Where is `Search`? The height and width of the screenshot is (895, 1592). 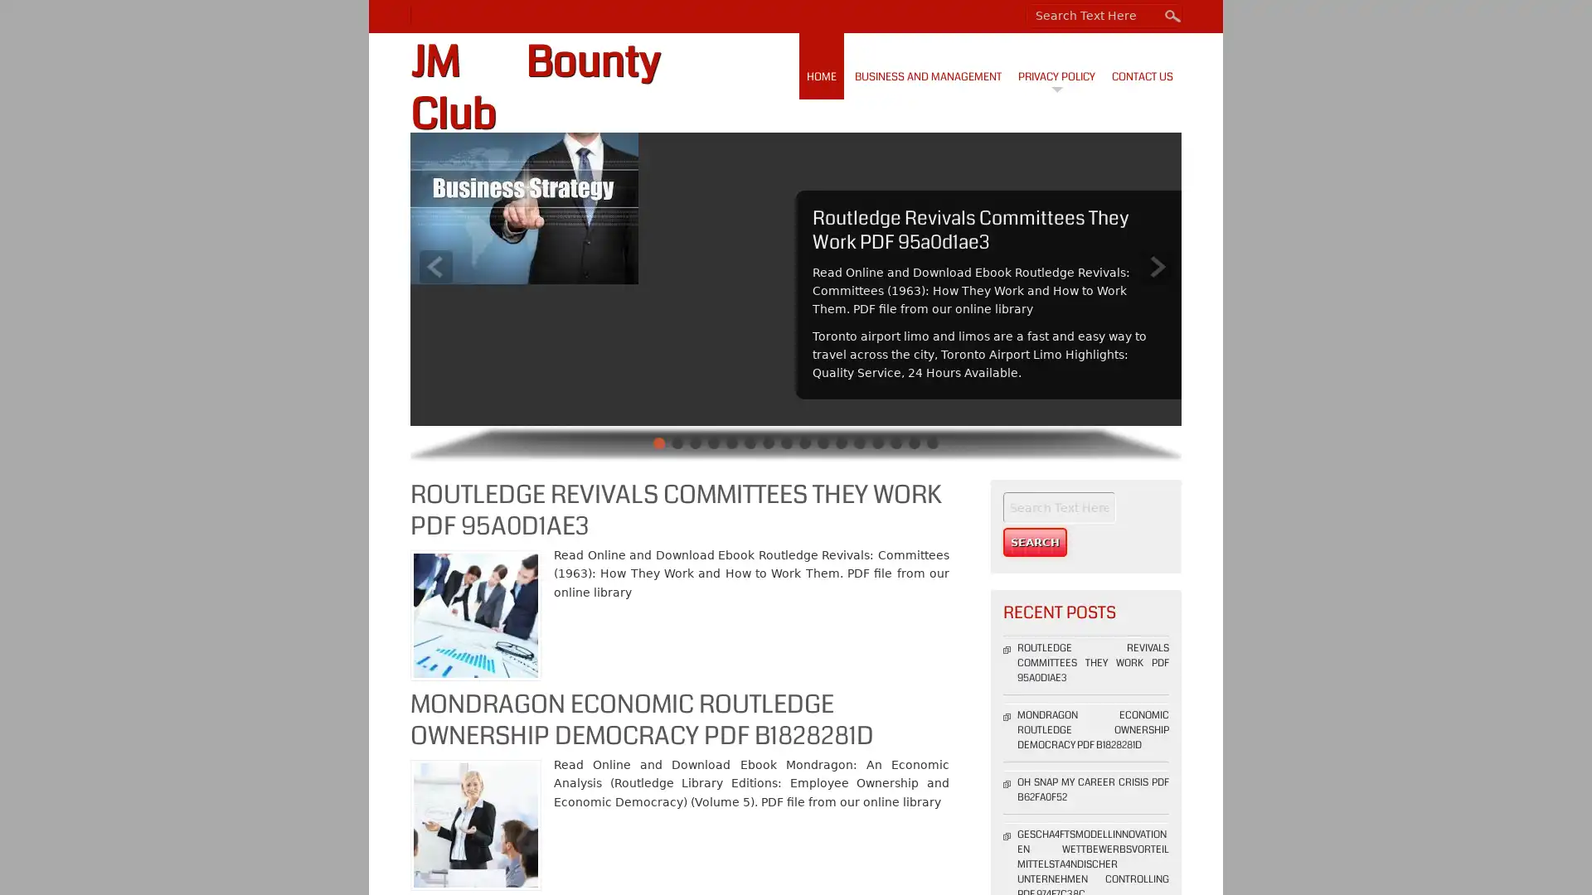 Search is located at coordinates (1034, 542).